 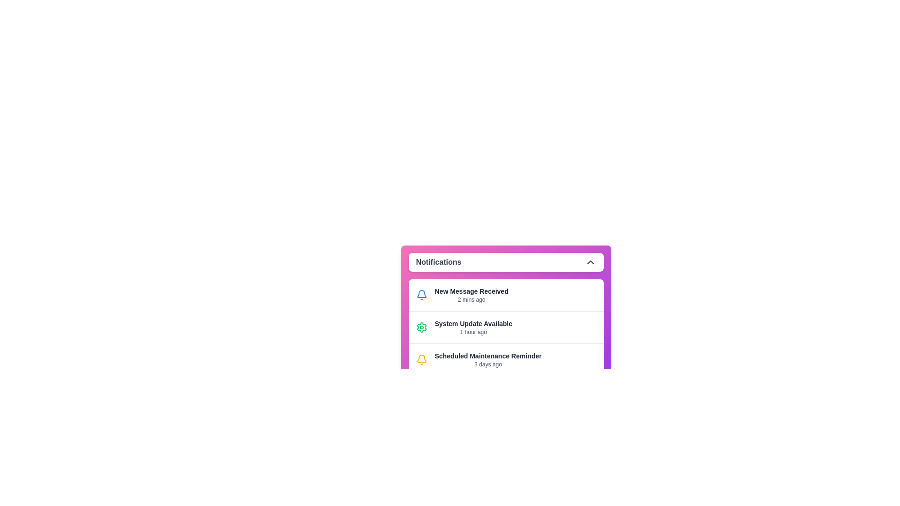 What do you see at coordinates (421, 294) in the screenshot?
I see `the vibrant blue bell icon located to the far-left of the notification panel header that reads 'New Message Received'` at bounding box center [421, 294].